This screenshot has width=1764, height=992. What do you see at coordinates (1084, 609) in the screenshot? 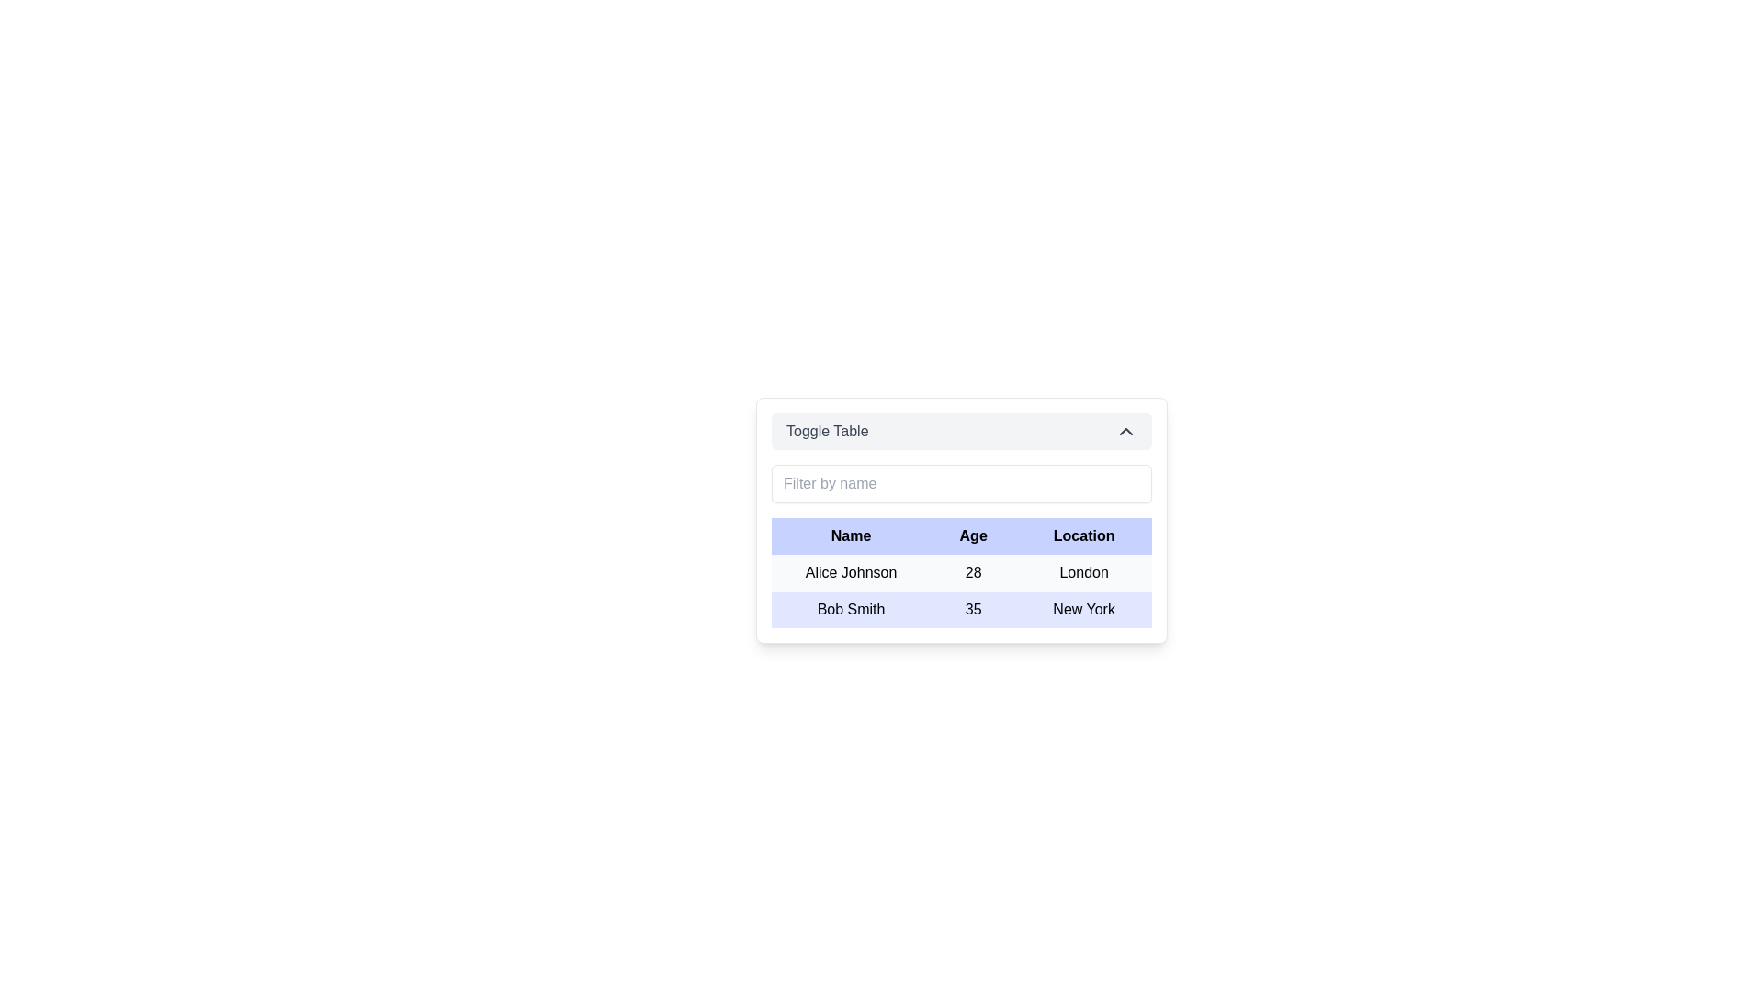
I see `the Text Label displaying 'New York' in the 'Location' column of the second row in the table for 'Bob Smith'` at bounding box center [1084, 609].